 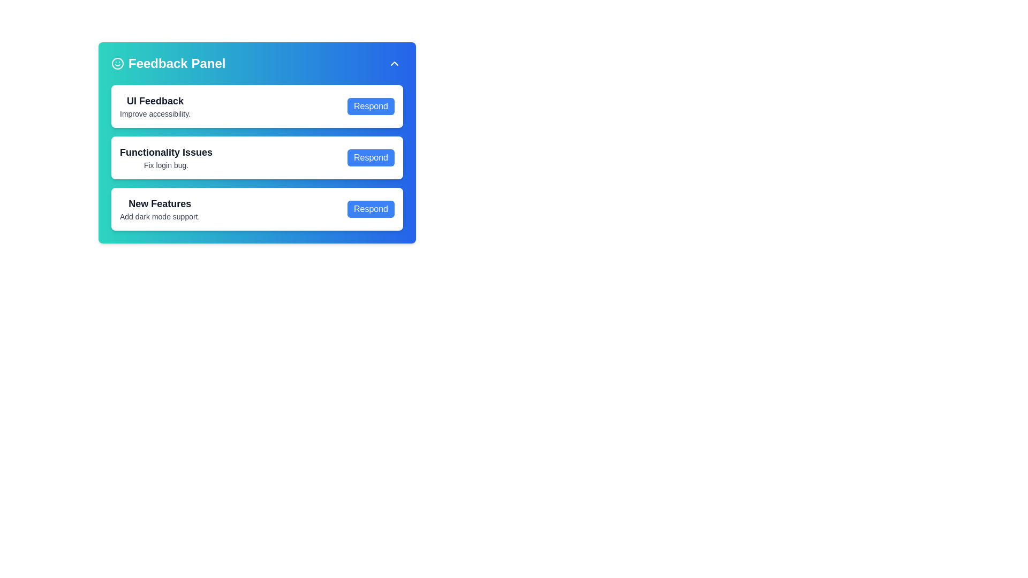 I want to click on the smiley face icon with a teal background located in the 'Feedback Panel' header, aligned to the left of the text 'Feedback Panel', so click(x=118, y=64).